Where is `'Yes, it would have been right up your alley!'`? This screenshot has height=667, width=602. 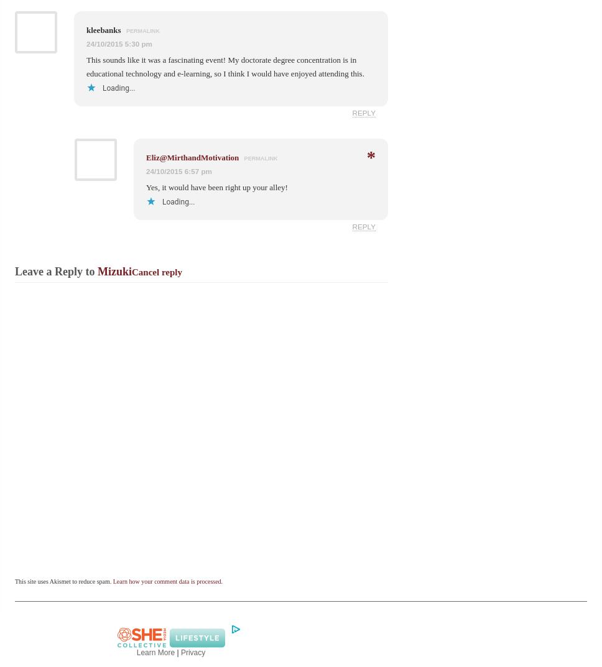 'Yes, it would have been right up your alley!' is located at coordinates (216, 186).